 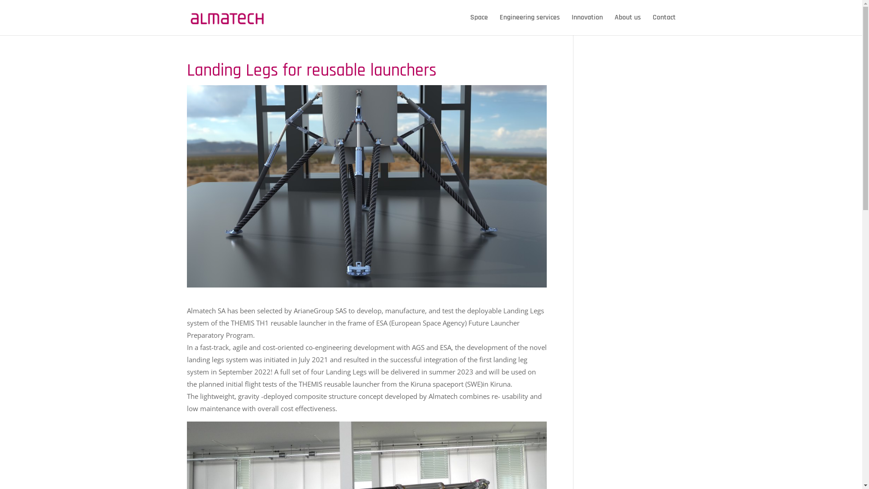 What do you see at coordinates (530, 24) in the screenshot?
I see `'Engineering services'` at bounding box center [530, 24].